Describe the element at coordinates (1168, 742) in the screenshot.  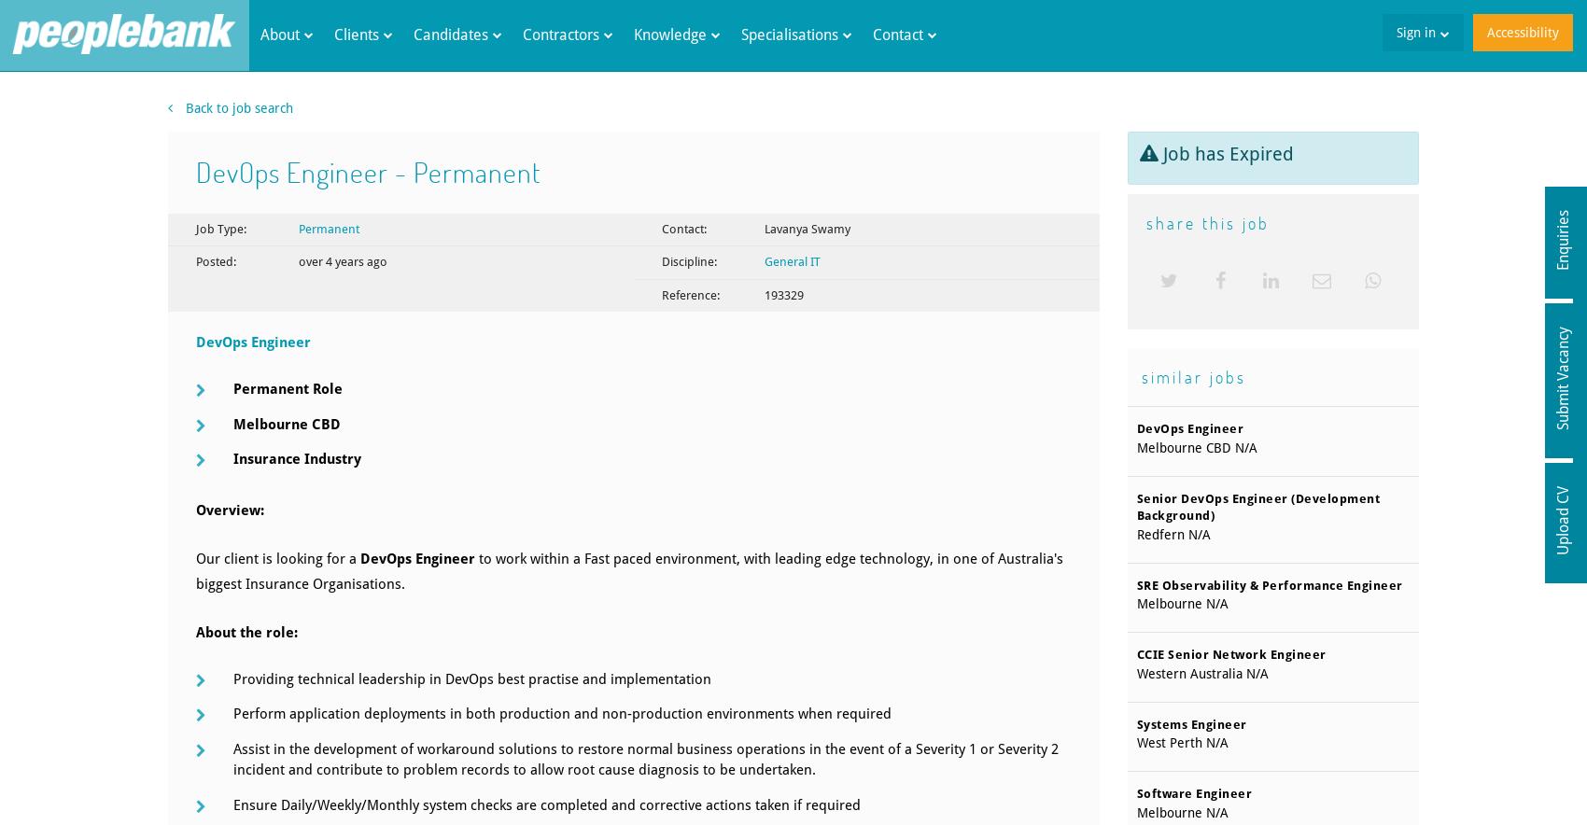
I see `'West Perth'` at that location.